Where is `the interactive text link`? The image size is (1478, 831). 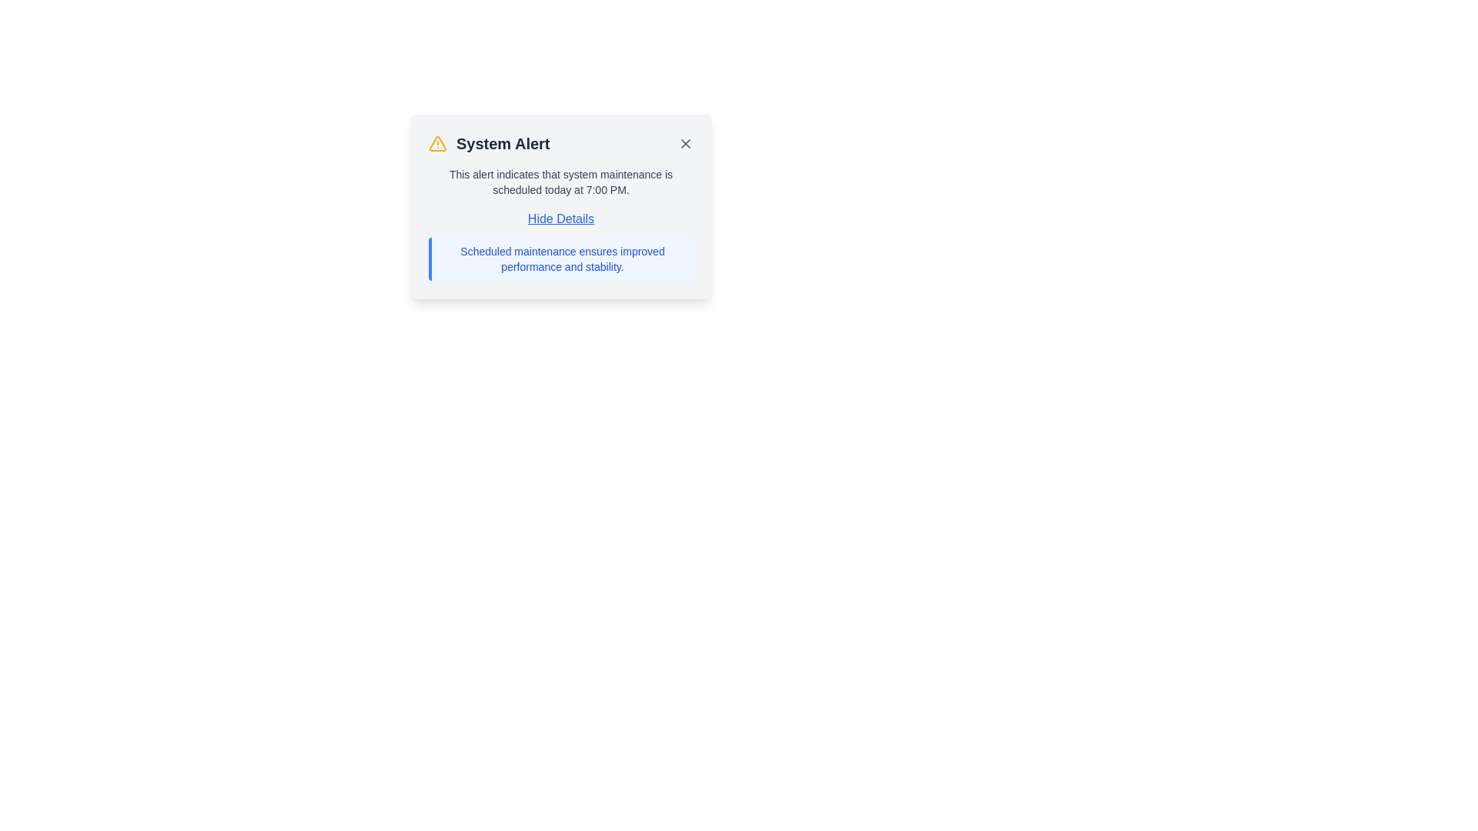 the interactive text link is located at coordinates (560, 219).